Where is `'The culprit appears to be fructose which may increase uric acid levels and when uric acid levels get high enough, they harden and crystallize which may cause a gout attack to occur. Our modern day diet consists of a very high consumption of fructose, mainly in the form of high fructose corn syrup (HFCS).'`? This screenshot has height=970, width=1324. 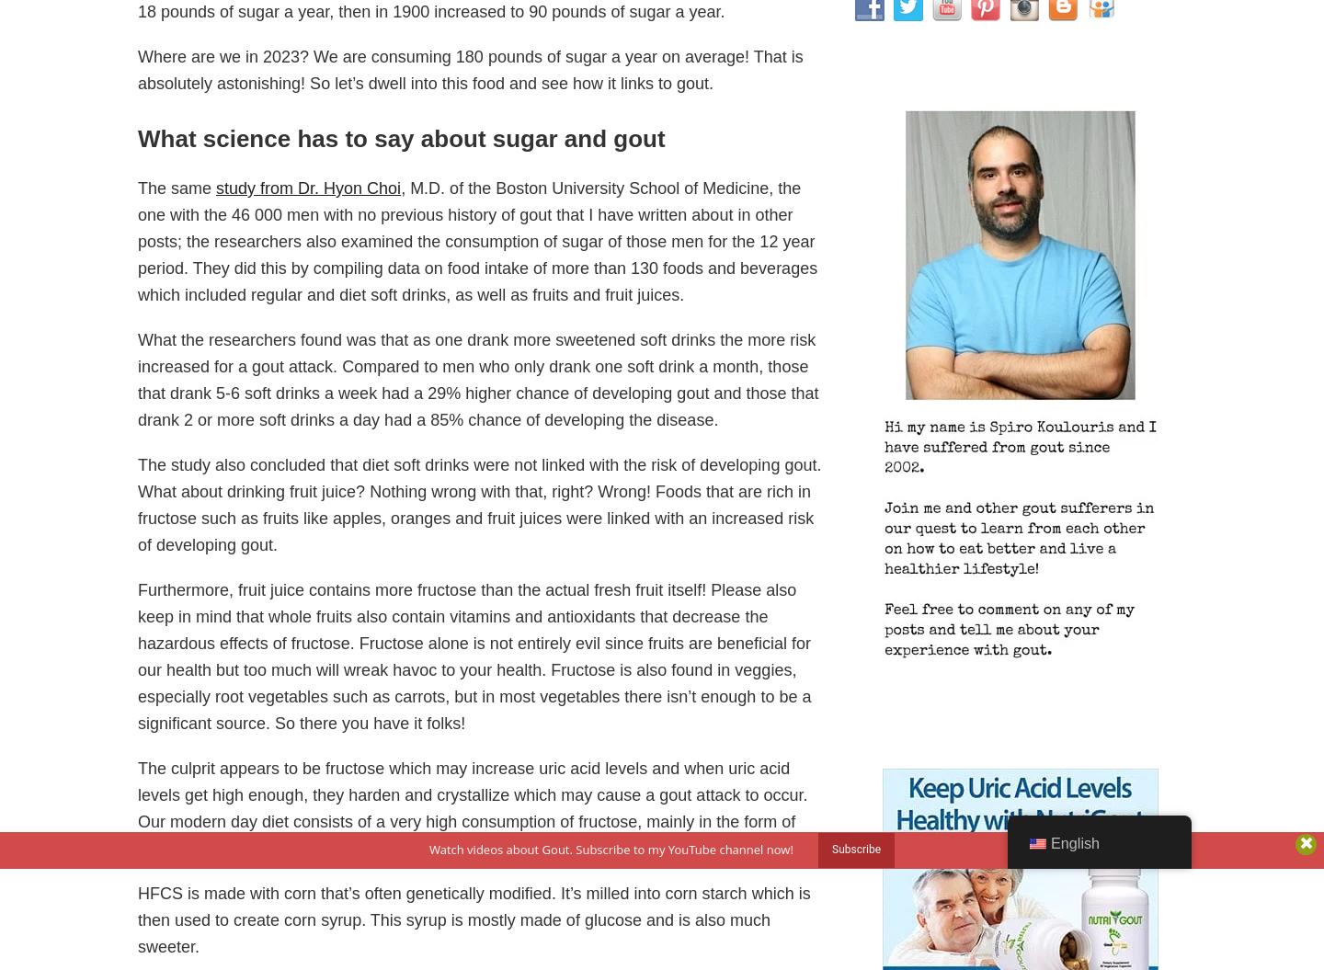 'The culprit appears to be fructose which may increase uric acid levels and when uric acid levels get high enough, they harden and crystallize which may cause a gout attack to occur. Our modern day diet consists of a very high consumption of fructose, mainly in the form of high fructose corn syrup (HFCS).' is located at coordinates (471, 808).